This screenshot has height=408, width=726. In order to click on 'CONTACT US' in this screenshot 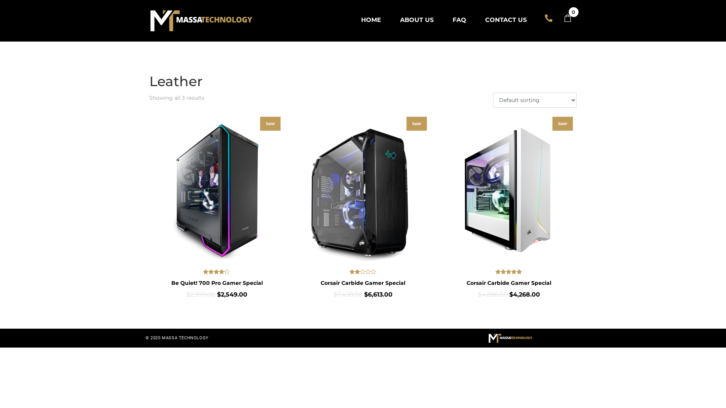, I will do `click(477, 19)`.